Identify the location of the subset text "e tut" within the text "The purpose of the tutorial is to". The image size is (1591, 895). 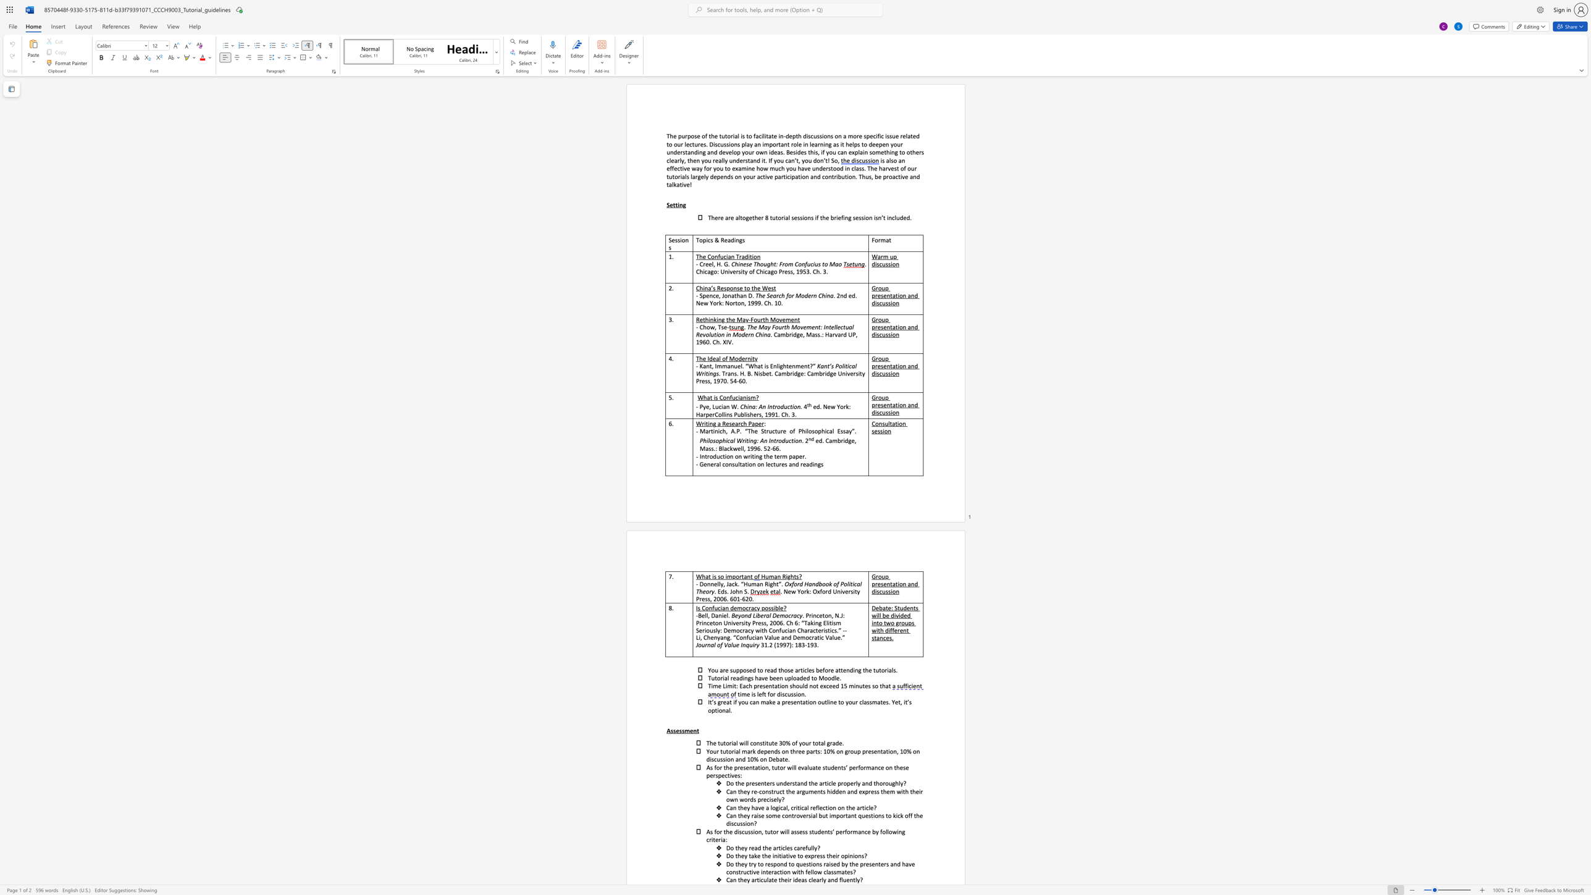
(714, 135).